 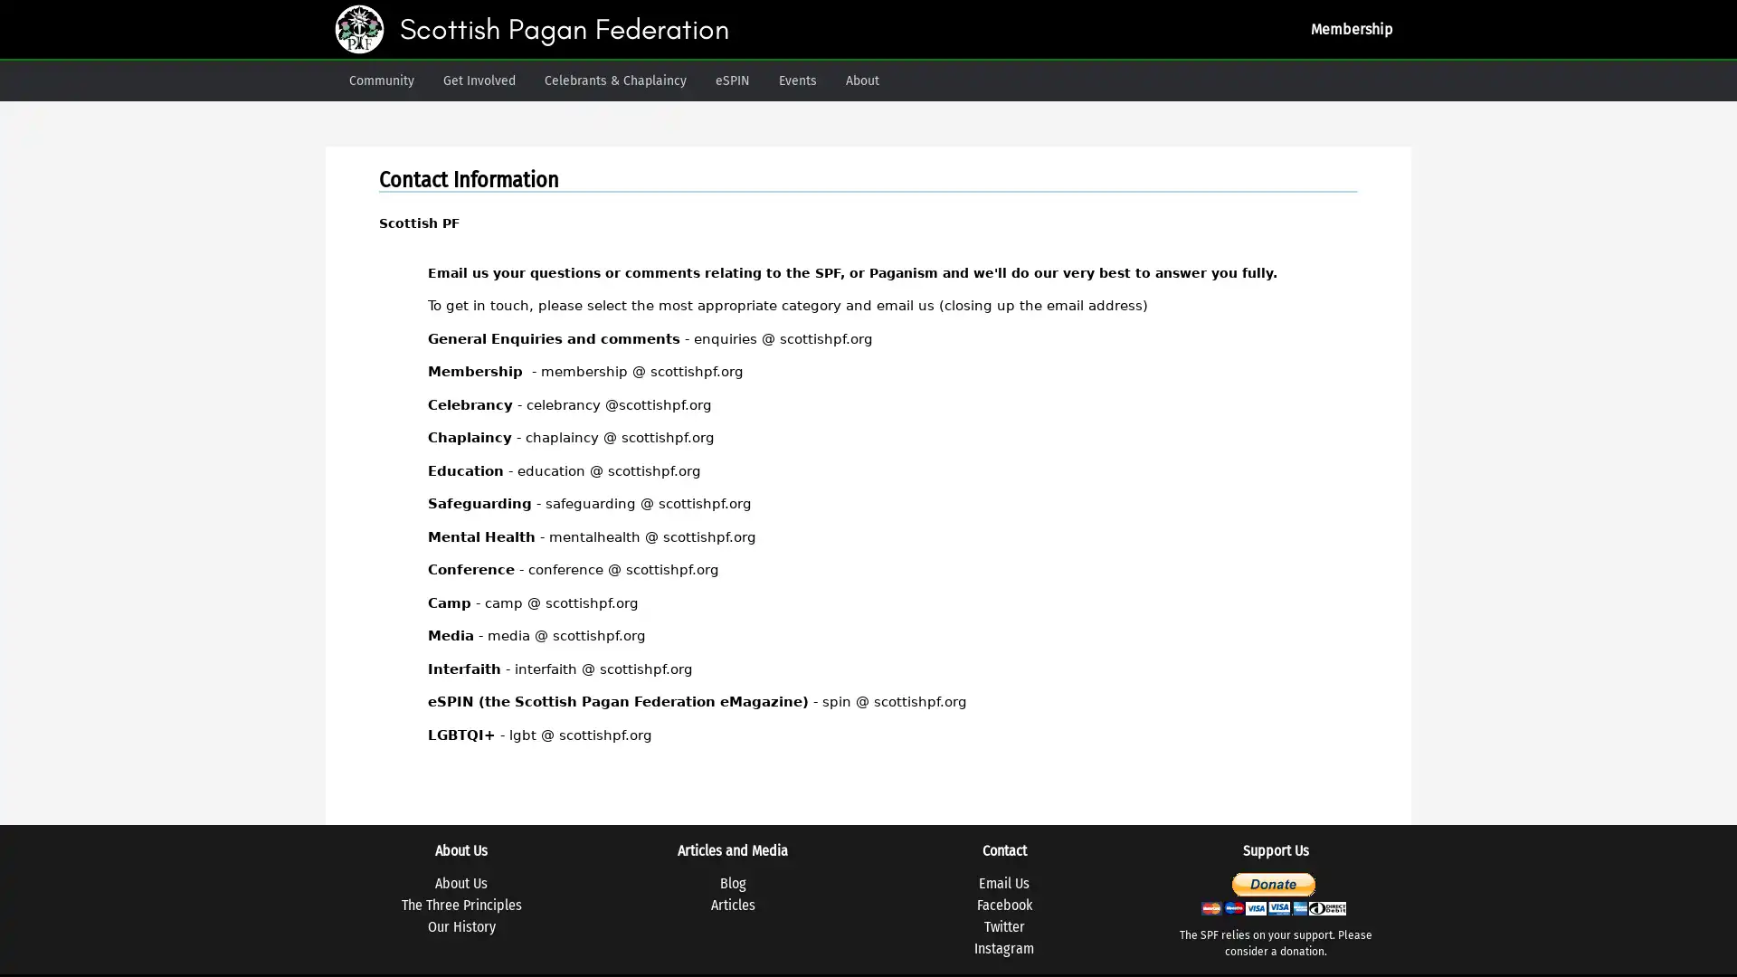 What do you see at coordinates (615, 80) in the screenshot?
I see `Celebrants & Chaplaincy` at bounding box center [615, 80].